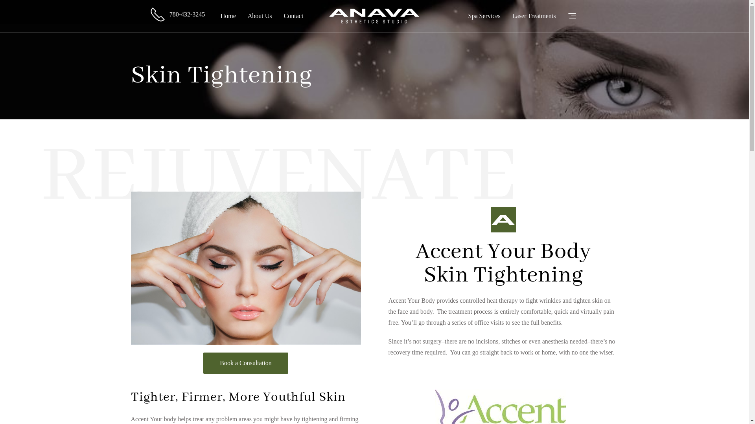 The height and width of the screenshot is (424, 755). What do you see at coordinates (203, 363) in the screenshot?
I see `'Book a Consultation'` at bounding box center [203, 363].